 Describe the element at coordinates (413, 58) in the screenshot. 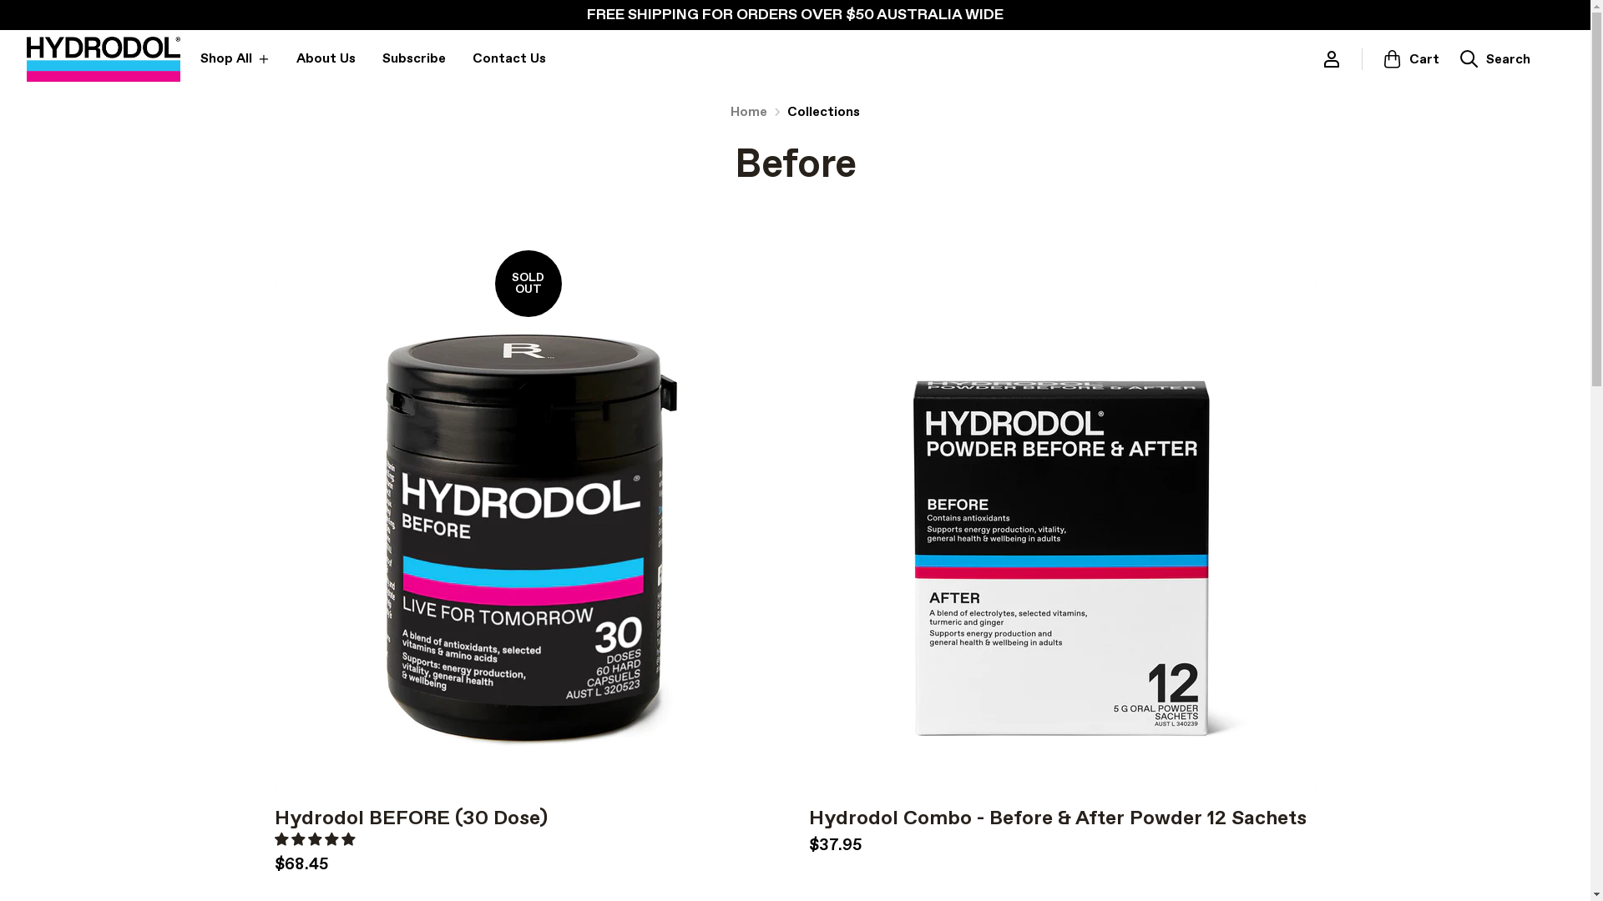

I see `'Subscribe'` at that location.